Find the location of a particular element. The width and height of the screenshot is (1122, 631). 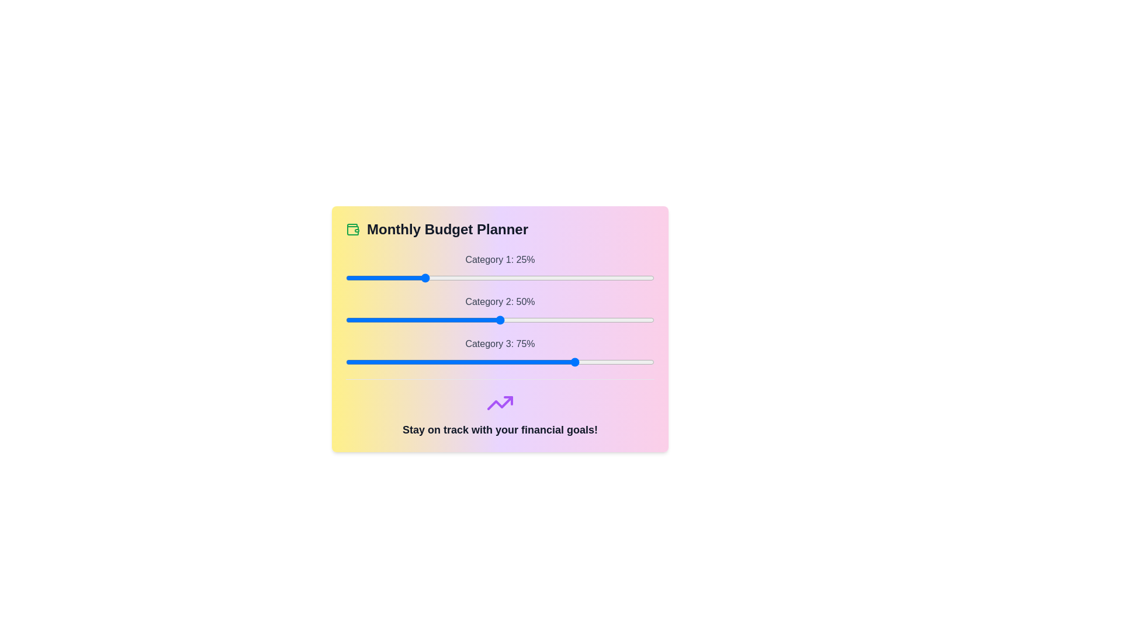

the slider for Category 1 to 22% is located at coordinates (414, 278).